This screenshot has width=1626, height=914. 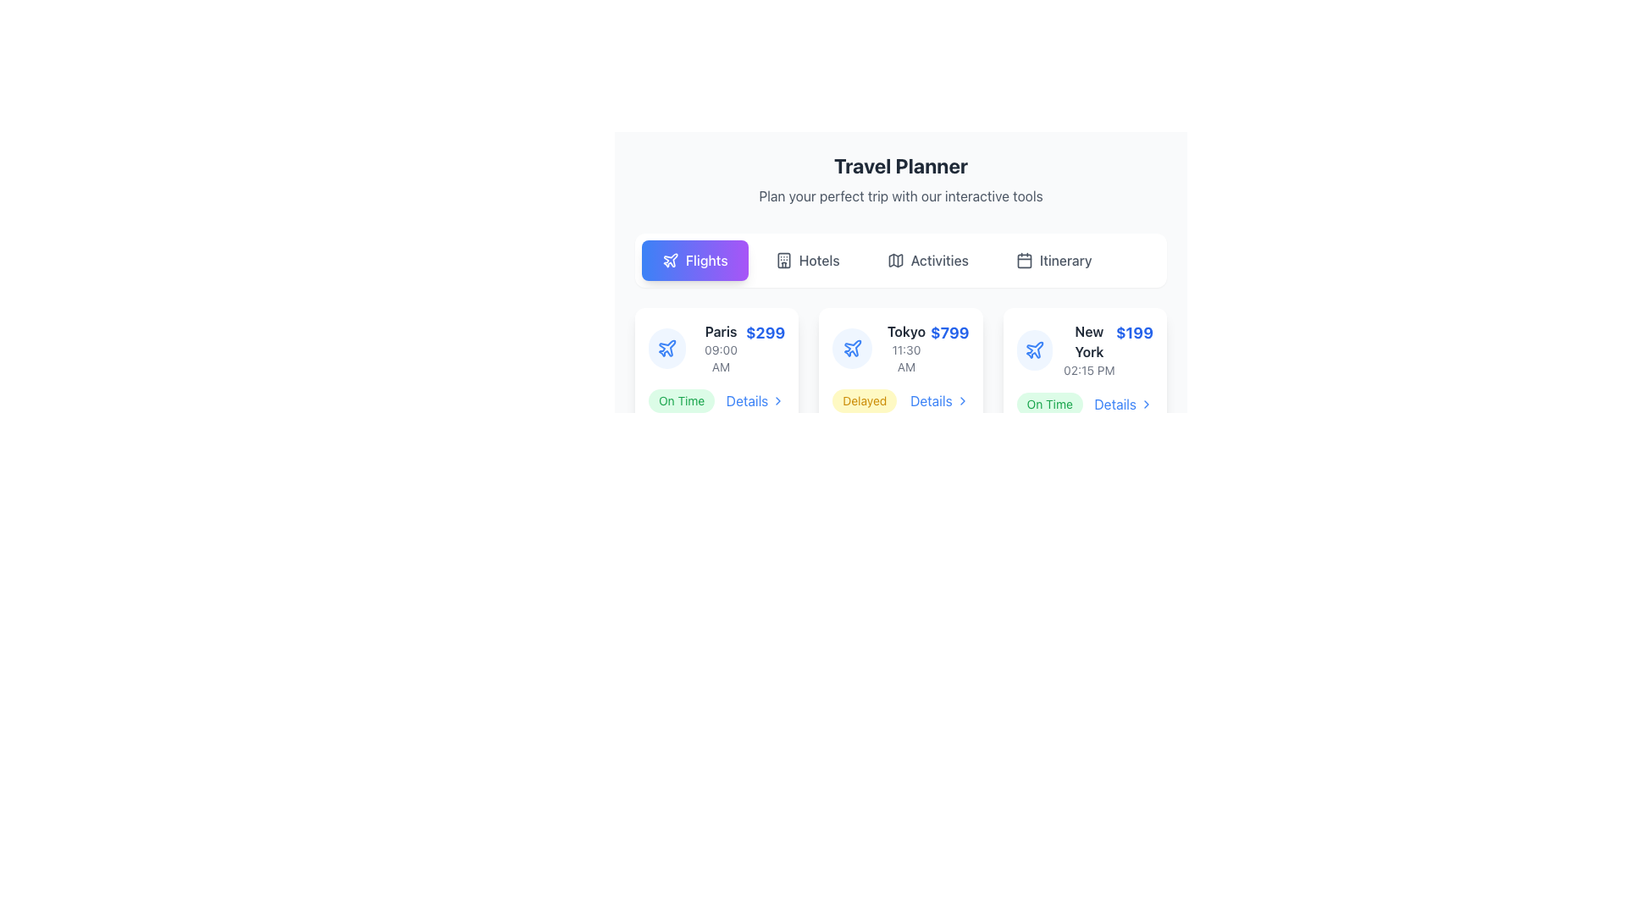 What do you see at coordinates (806, 261) in the screenshot?
I see `the 'Hotels' button, which is a horizontal rectangular button with rounded corners, white background, and gray text, located in the navigation bar` at bounding box center [806, 261].